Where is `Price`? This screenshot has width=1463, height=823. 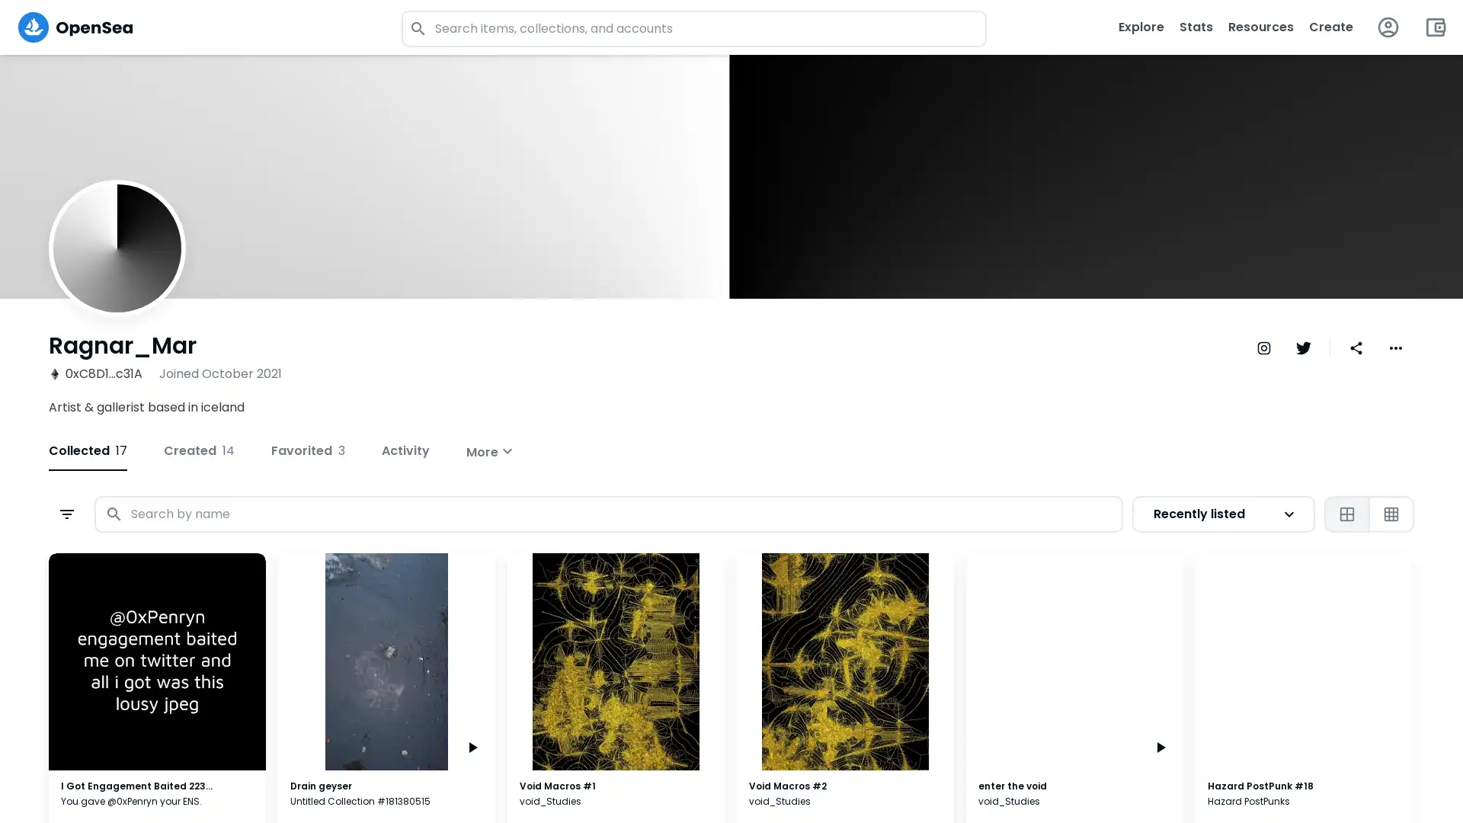
Price is located at coordinates (56, 779).